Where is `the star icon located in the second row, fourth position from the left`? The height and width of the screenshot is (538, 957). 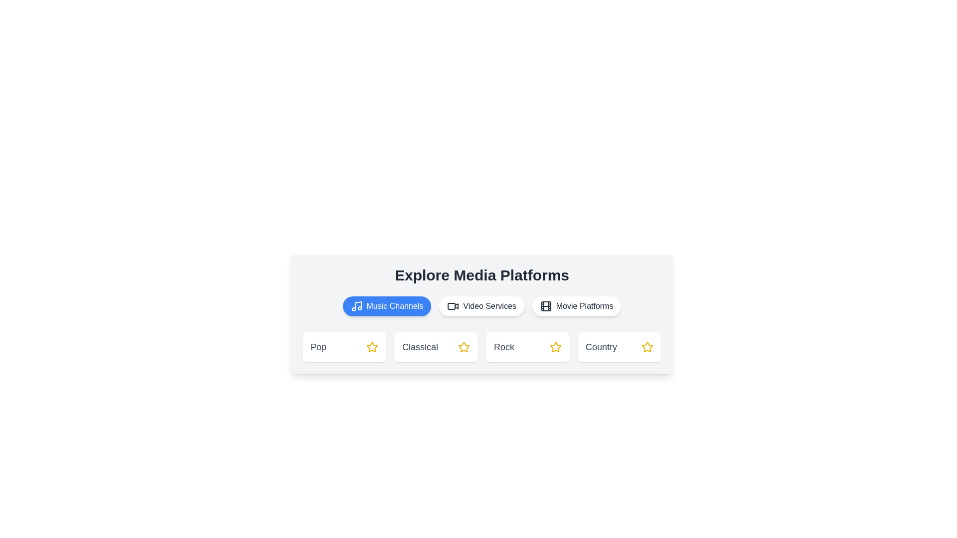
the star icon located in the second row, fourth position from the left is located at coordinates (646, 346).